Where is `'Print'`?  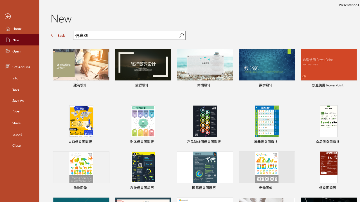
'Print' is located at coordinates (19, 112).